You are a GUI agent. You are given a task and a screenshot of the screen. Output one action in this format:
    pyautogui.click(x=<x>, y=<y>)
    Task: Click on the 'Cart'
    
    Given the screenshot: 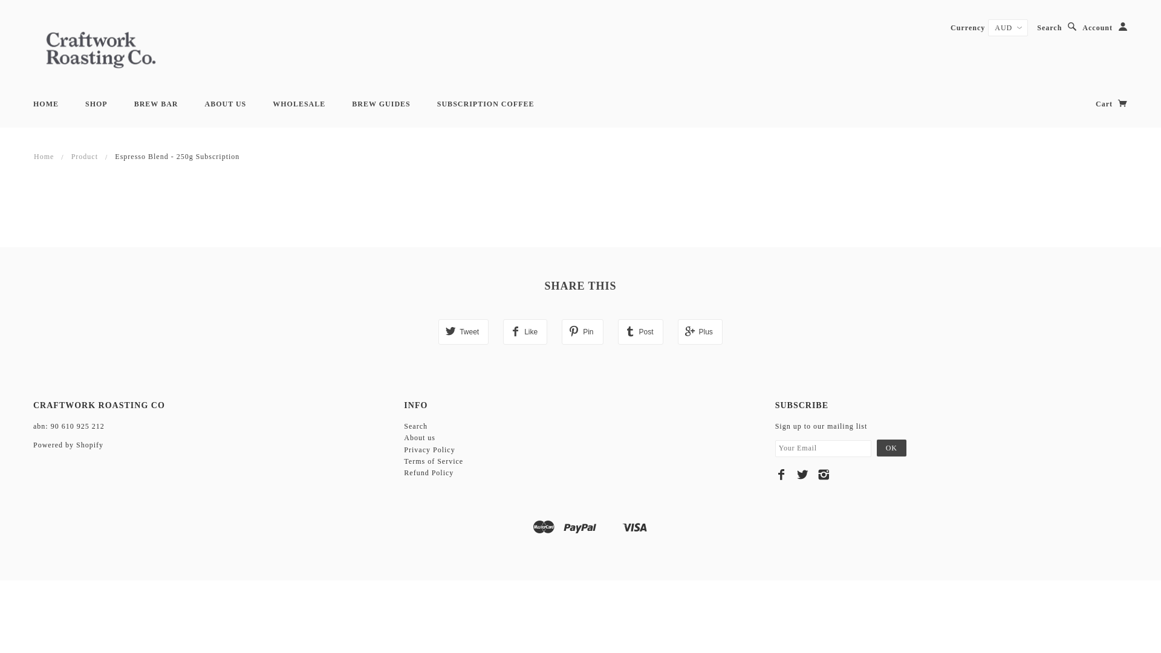 What is the action you would take?
    pyautogui.click(x=1095, y=103)
    